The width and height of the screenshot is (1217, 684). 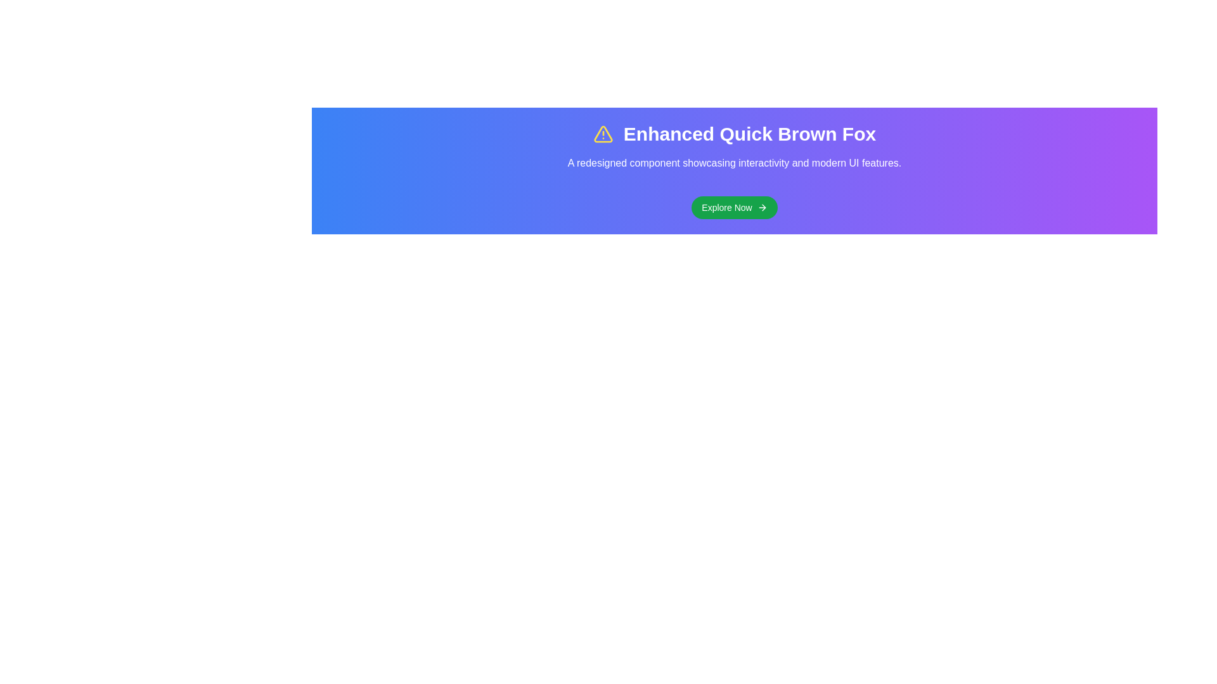 I want to click on the alert icon located near the top center of the interface, directly preceding the text 'Enhanced Quick Brown Fox', to potentially trigger a related action, so click(x=602, y=134).